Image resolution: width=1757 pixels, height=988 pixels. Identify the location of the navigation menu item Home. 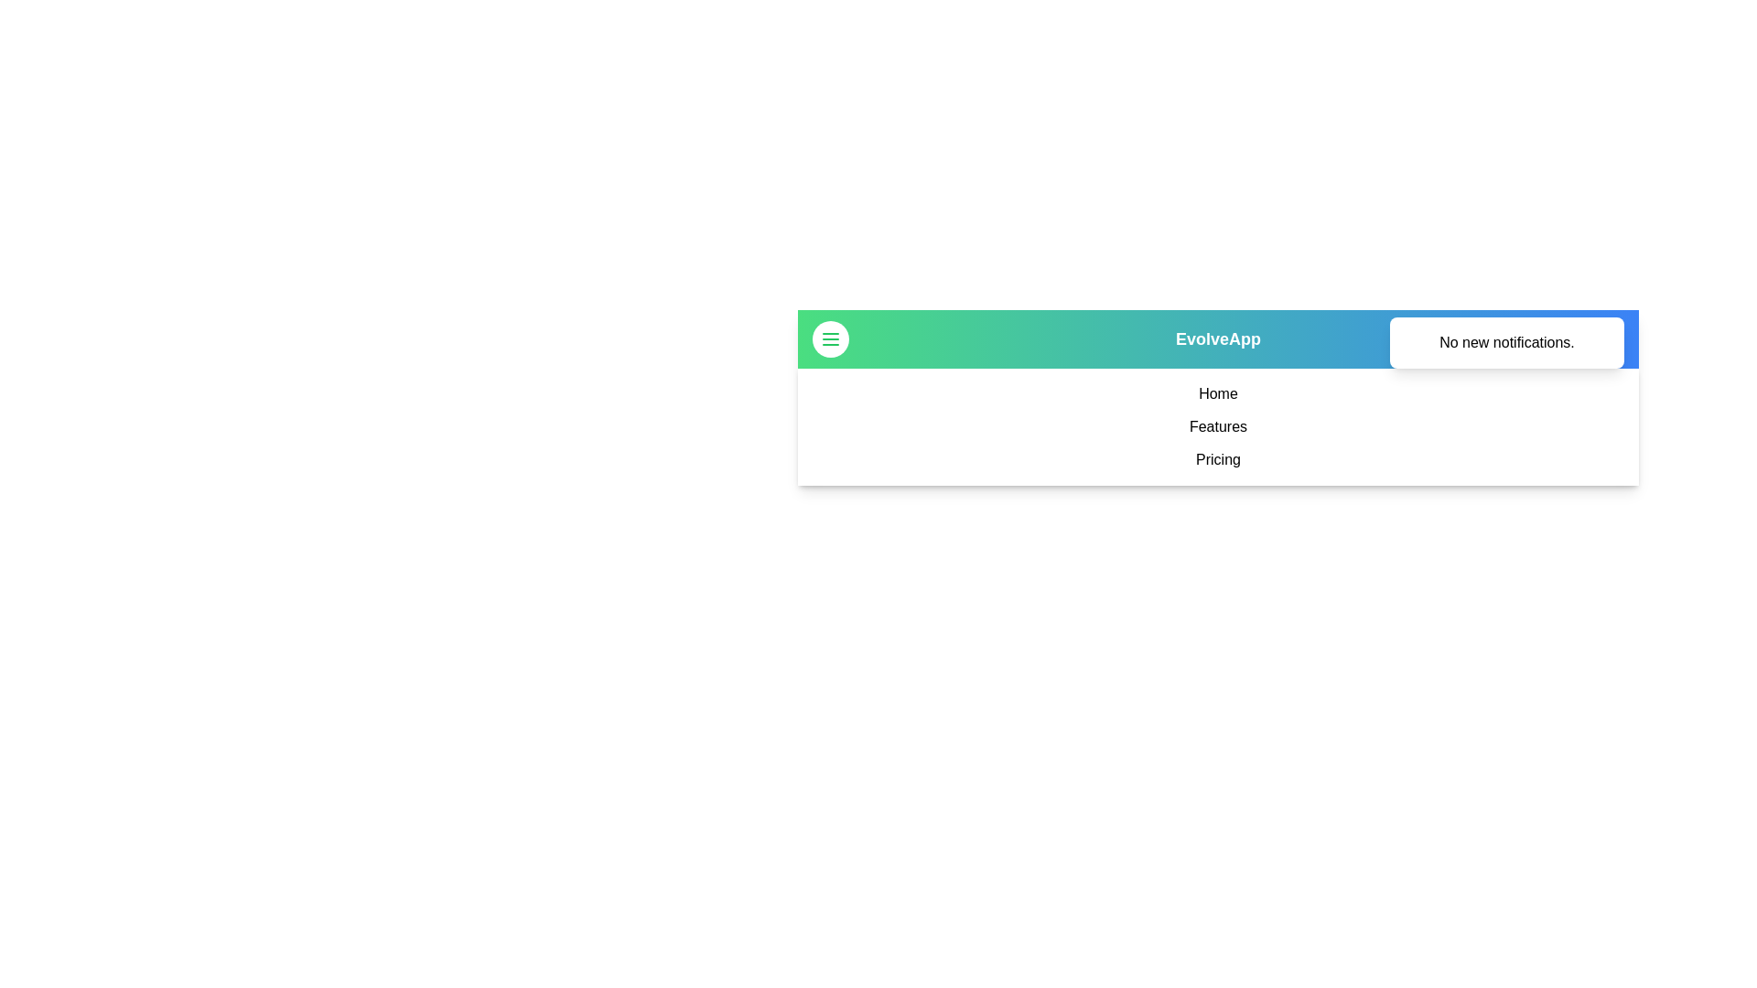
(1218, 393).